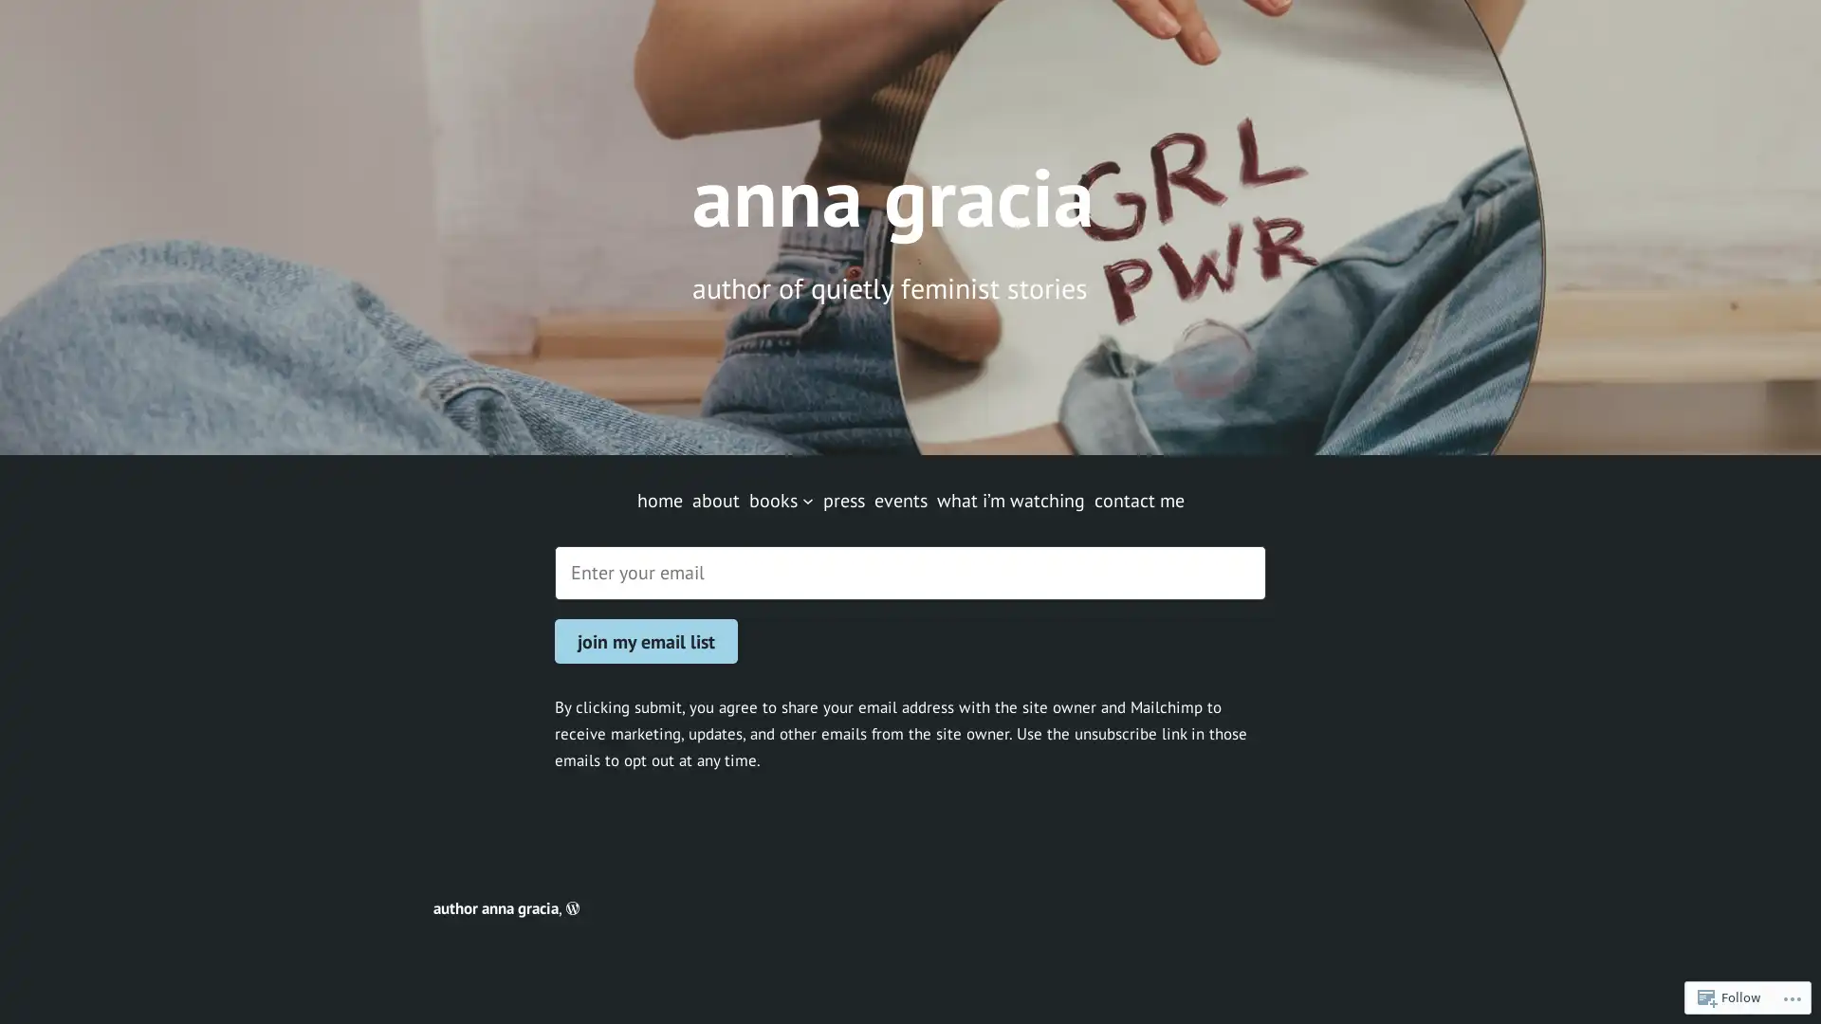 Image resolution: width=1821 pixels, height=1024 pixels. Describe the element at coordinates (806, 500) in the screenshot. I see `books submenu` at that location.